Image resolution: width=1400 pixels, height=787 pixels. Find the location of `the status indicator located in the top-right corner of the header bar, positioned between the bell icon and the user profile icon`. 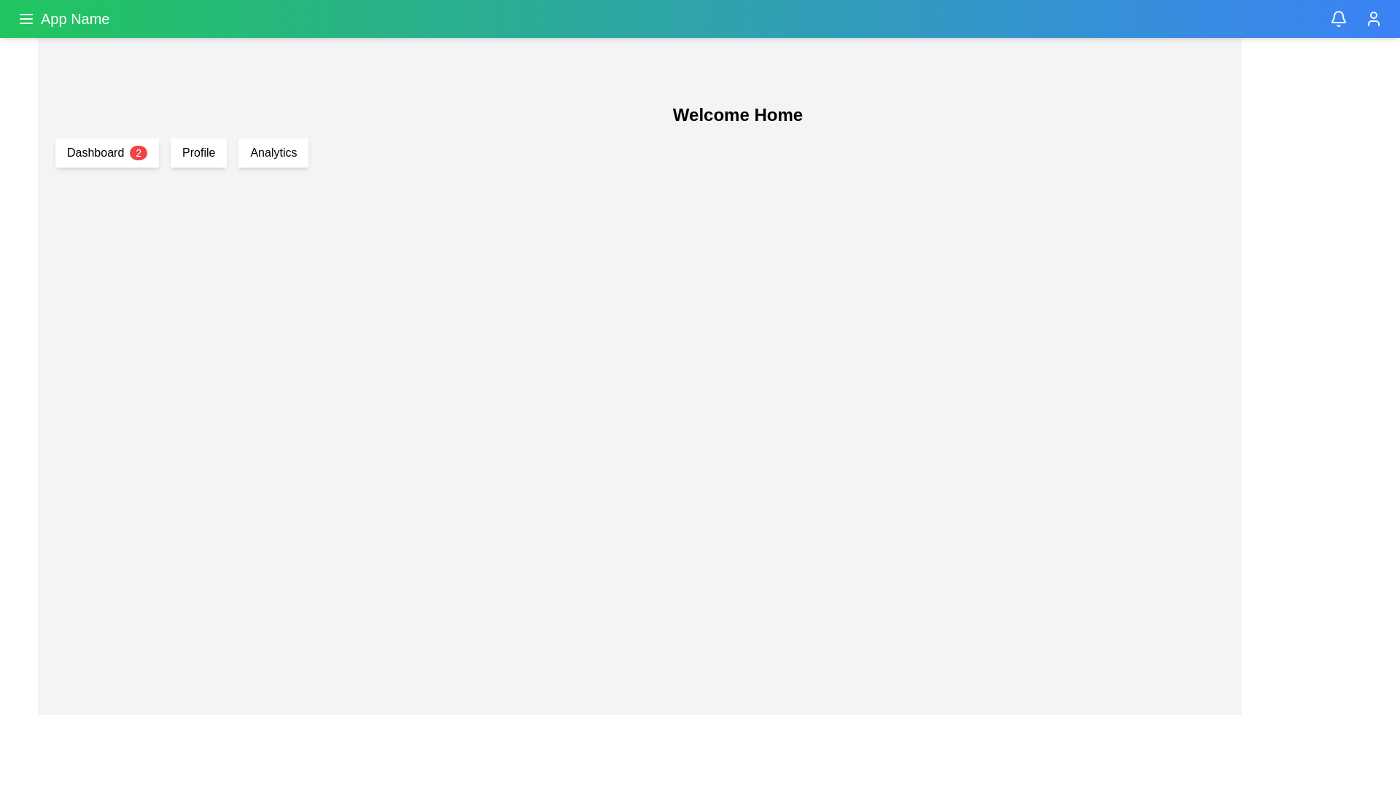

the status indicator located in the top-right corner of the header bar, positioned between the bell icon and the user profile icon is located at coordinates (1356, 19).